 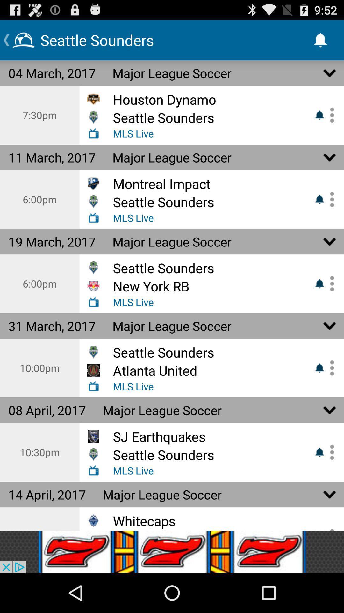 What do you see at coordinates (330, 283) in the screenshot?
I see `set alert and go to account setttings` at bounding box center [330, 283].